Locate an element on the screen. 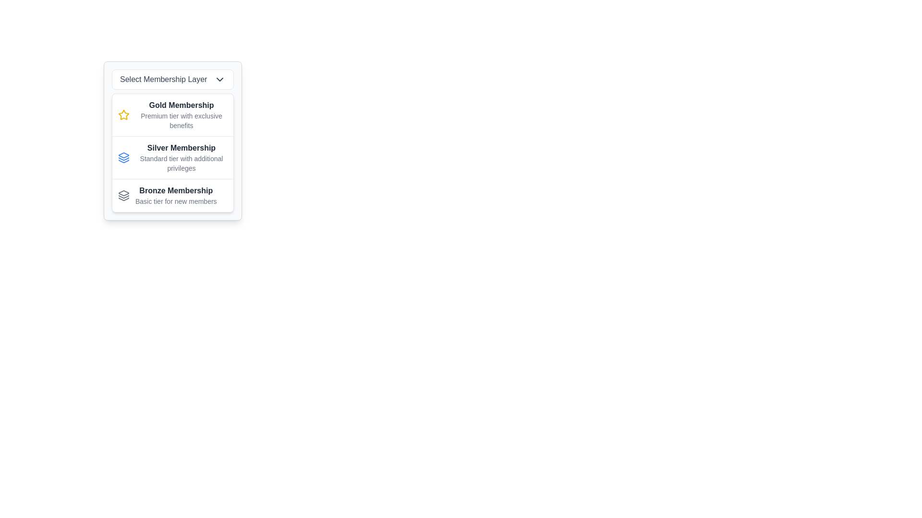 The height and width of the screenshot is (518, 922). middle graphical layer of the SVG icon, which is styled in gray and represents the second layer in a stack of three layers is located at coordinates (123, 196).